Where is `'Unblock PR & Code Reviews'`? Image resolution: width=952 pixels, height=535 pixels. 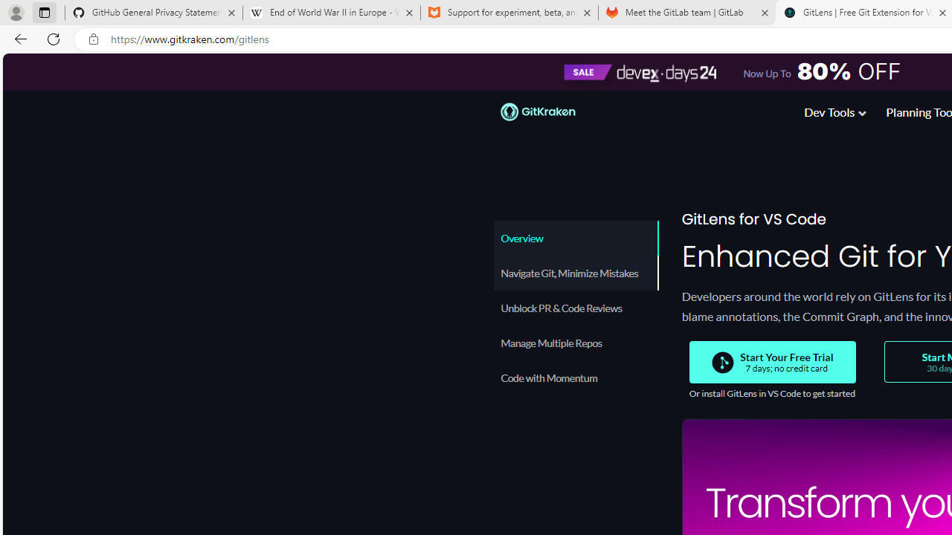
'Unblock PR & Code Reviews' is located at coordinates (575, 307).